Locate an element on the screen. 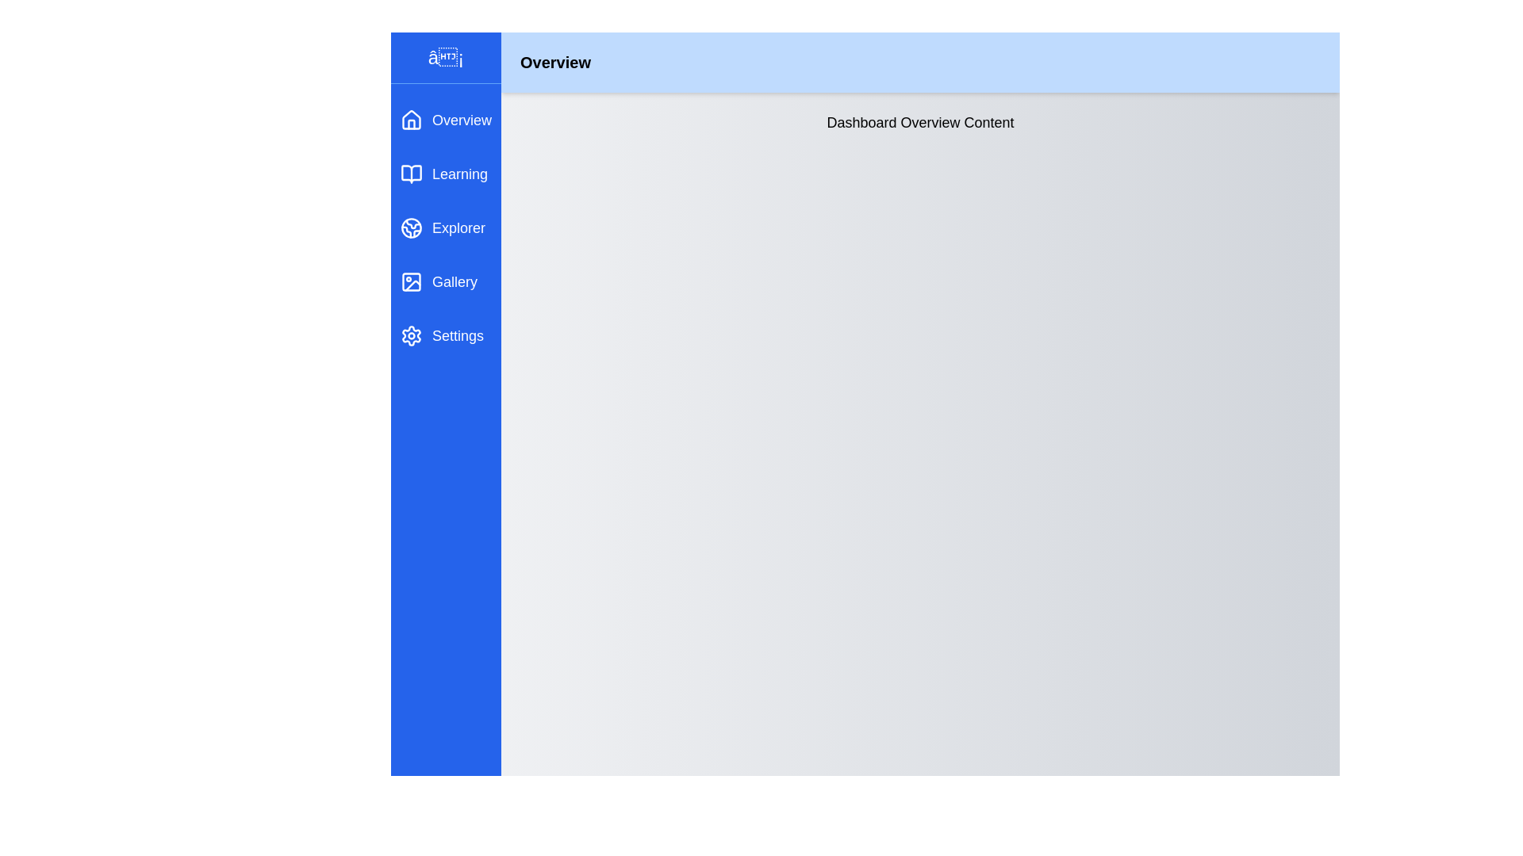  the first navigation icon in the vertical list on the left-side navigation bar is located at coordinates (411, 119).